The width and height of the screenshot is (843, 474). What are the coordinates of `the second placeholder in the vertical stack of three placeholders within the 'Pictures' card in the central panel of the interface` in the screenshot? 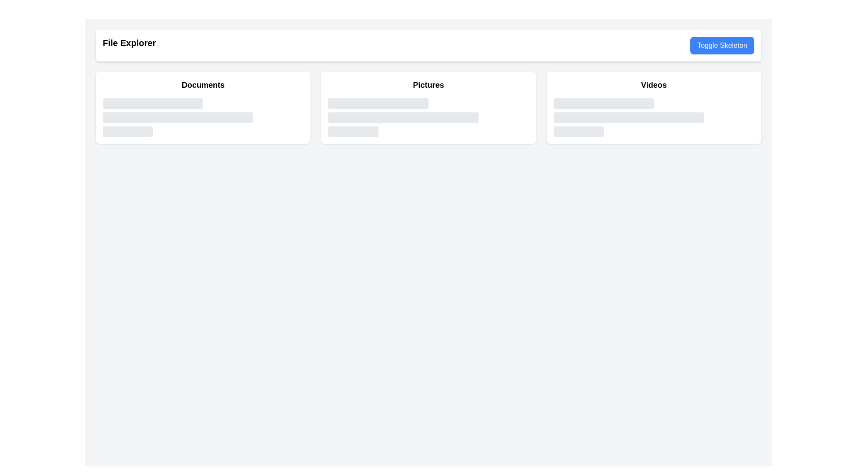 It's located at (428, 117).